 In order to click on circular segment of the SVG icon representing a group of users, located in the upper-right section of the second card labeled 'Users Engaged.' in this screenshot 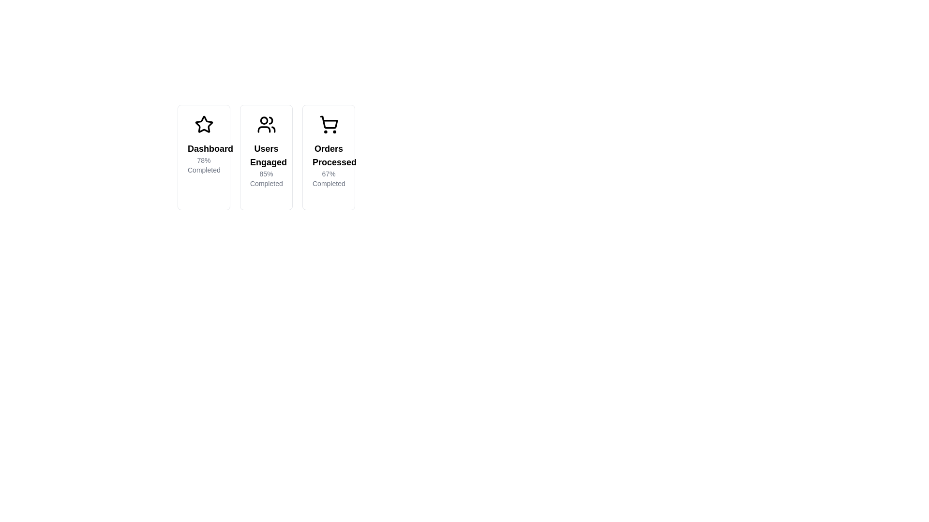, I will do `click(270, 120)`.